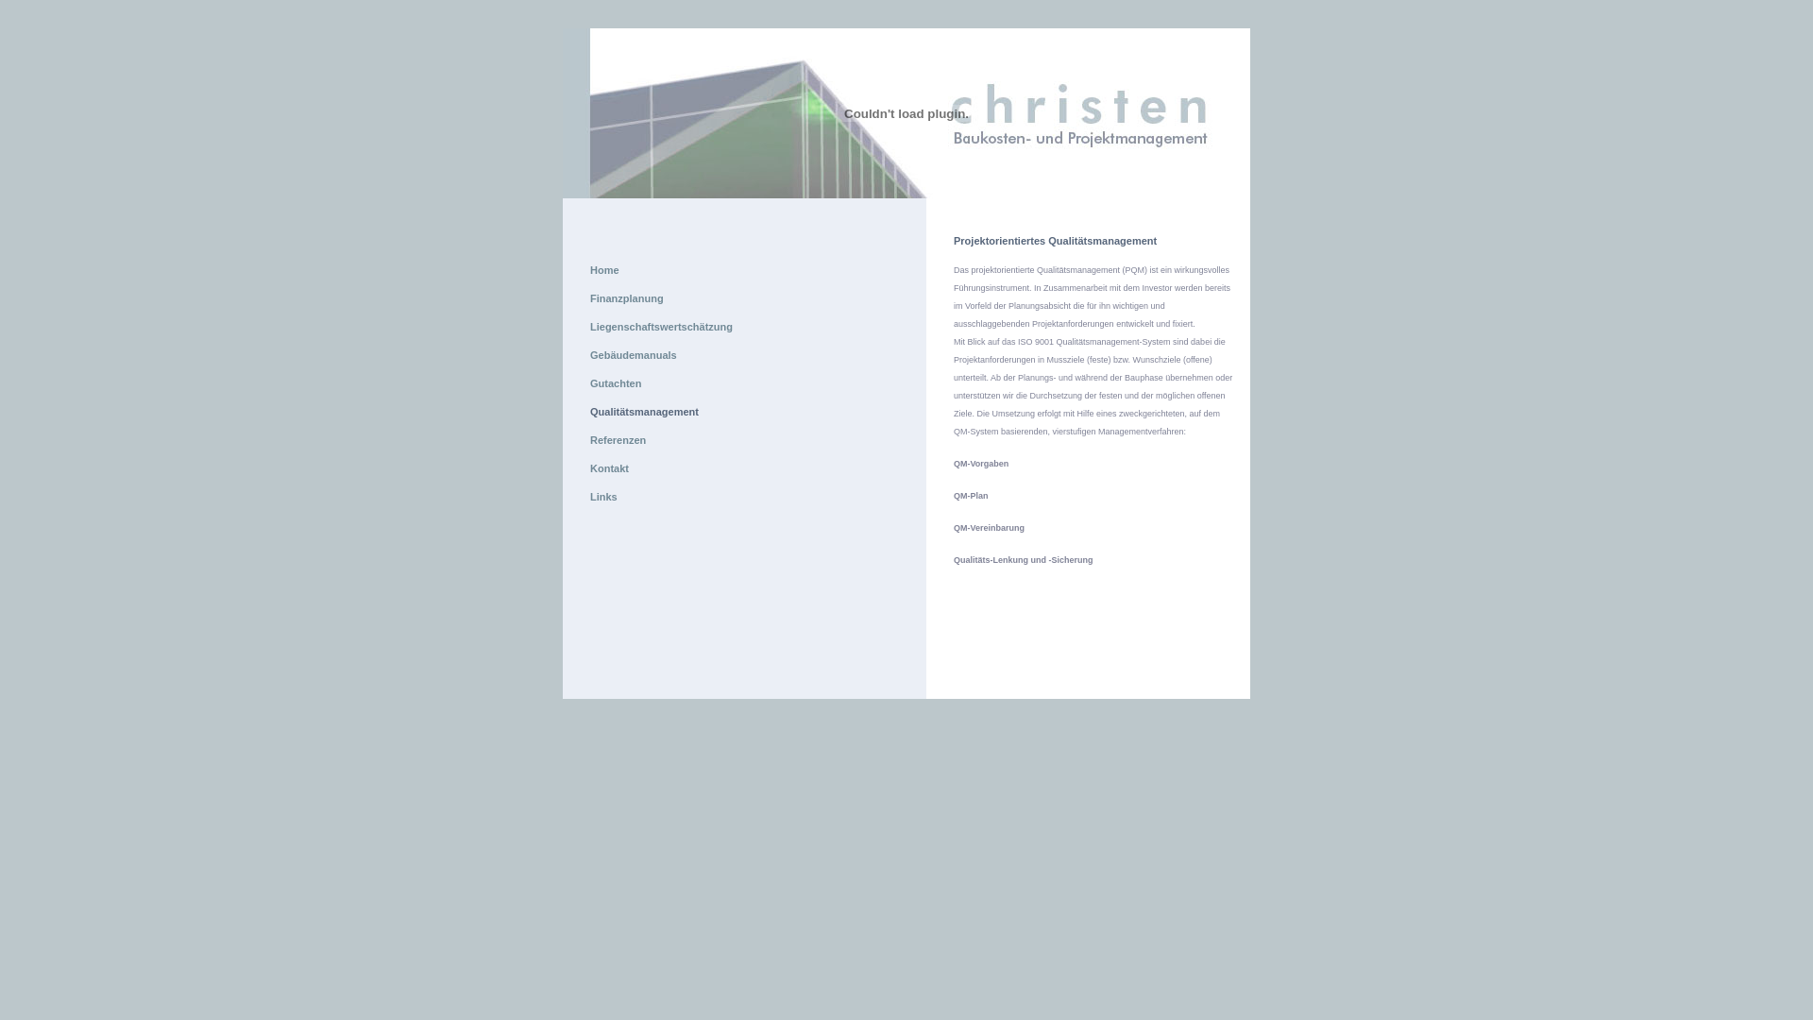 This screenshot has height=1020, width=1813. I want to click on 'Home', so click(604, 269).